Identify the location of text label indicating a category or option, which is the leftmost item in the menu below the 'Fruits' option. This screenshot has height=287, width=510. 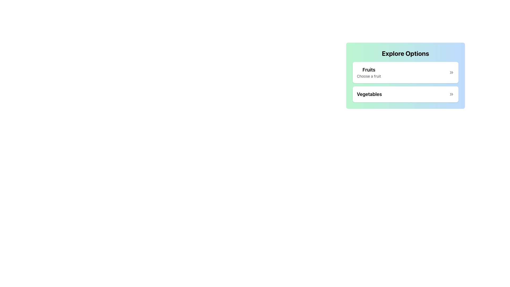
(369, 94).